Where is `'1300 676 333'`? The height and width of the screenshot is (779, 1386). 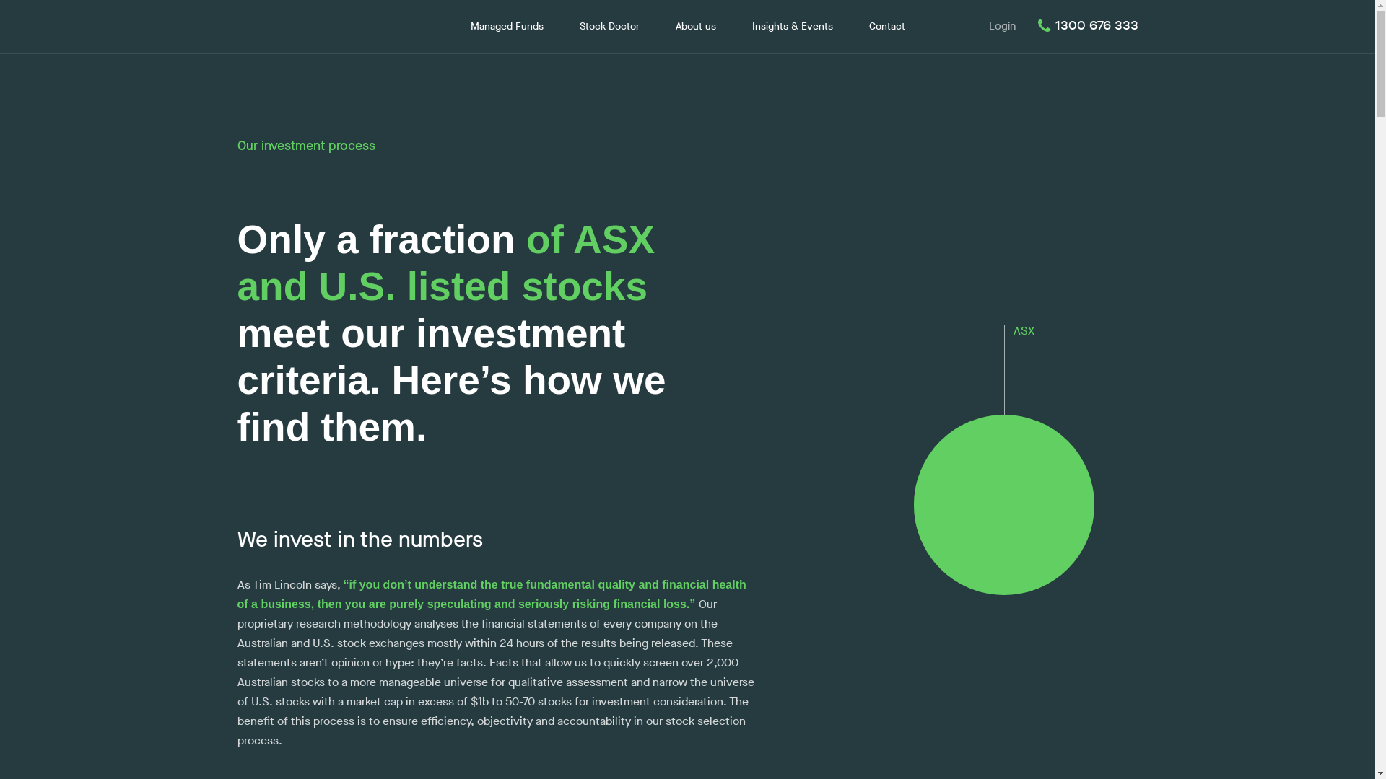 '1300 676 333' is located at coordinates (1032, 26).